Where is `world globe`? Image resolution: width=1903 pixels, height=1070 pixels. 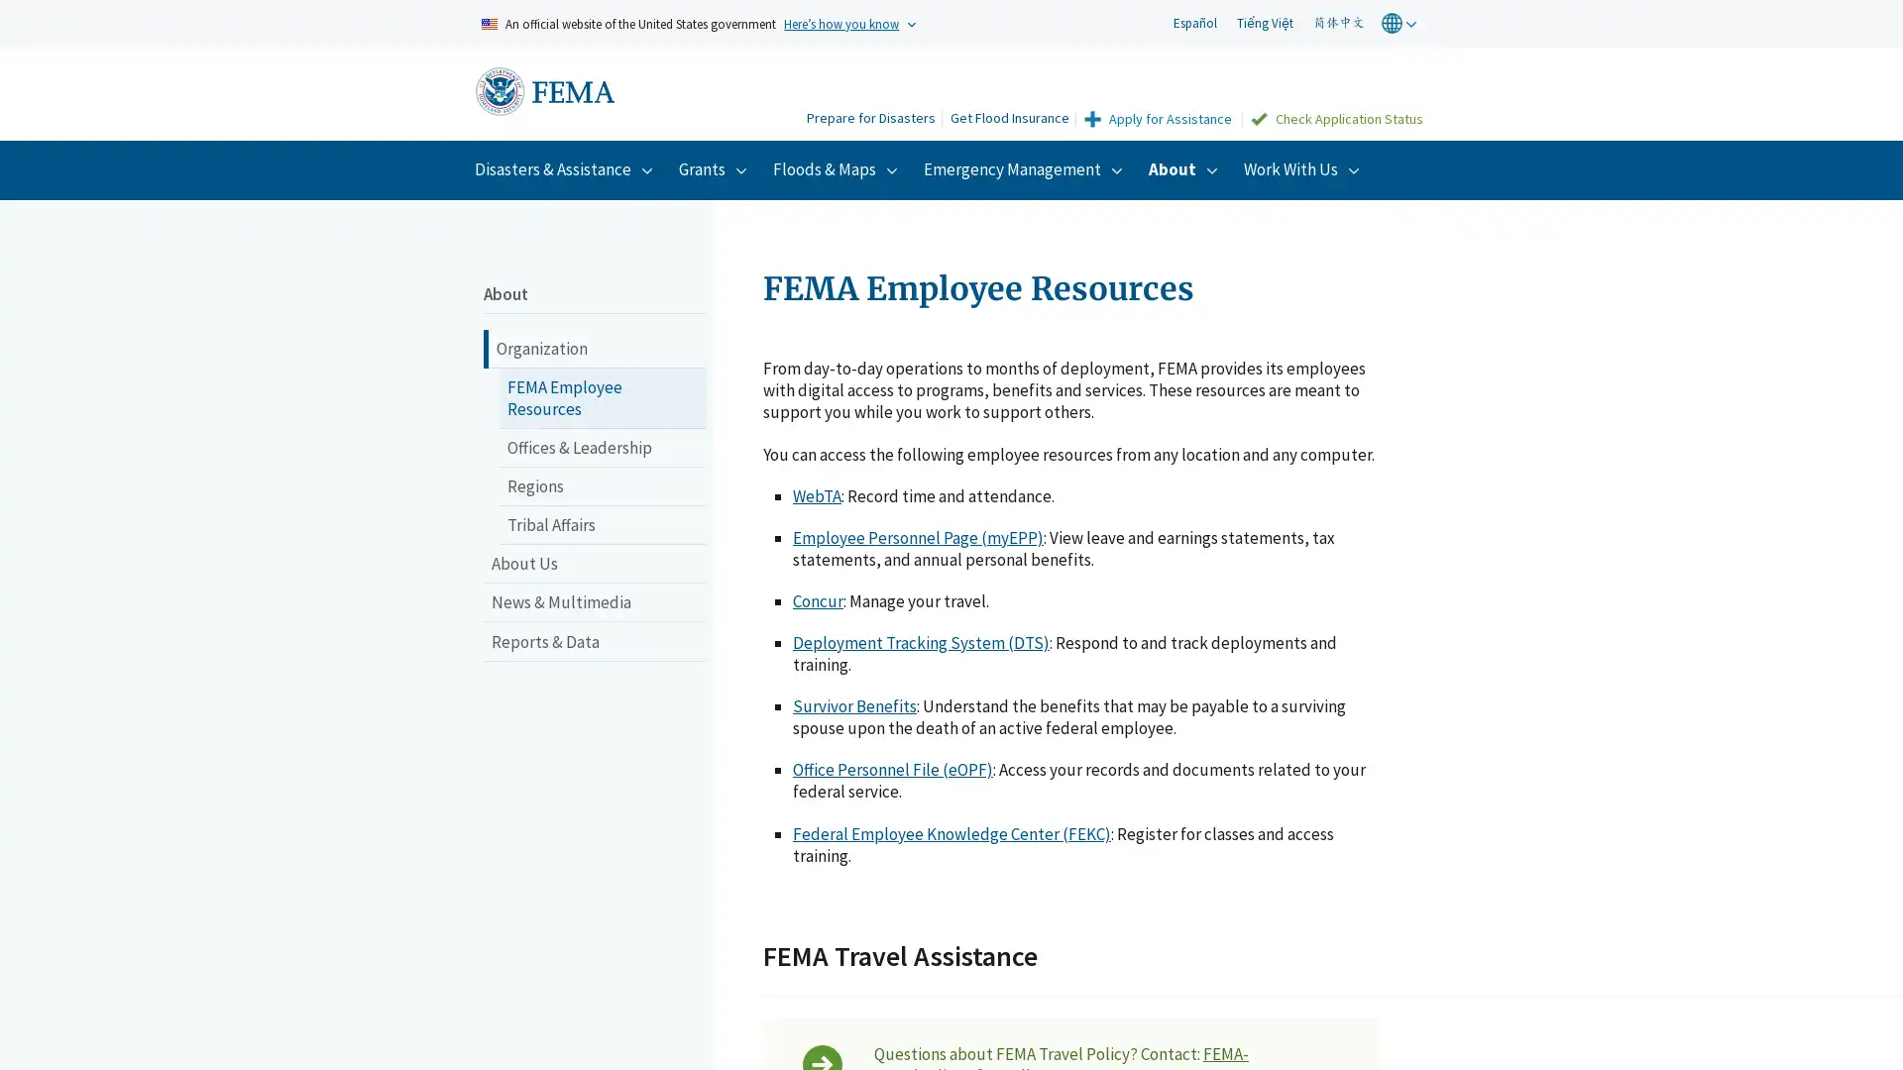 world globe is located at coordinates (1400, 23).